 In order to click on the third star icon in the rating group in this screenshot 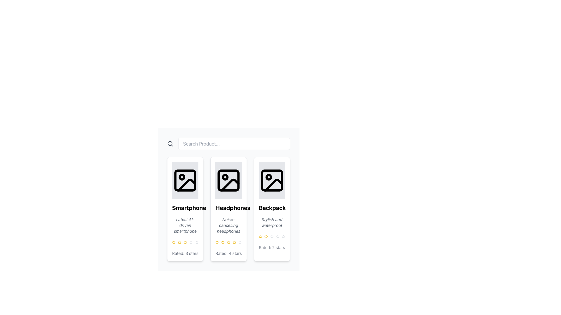, I will do `click(222, 242)`.